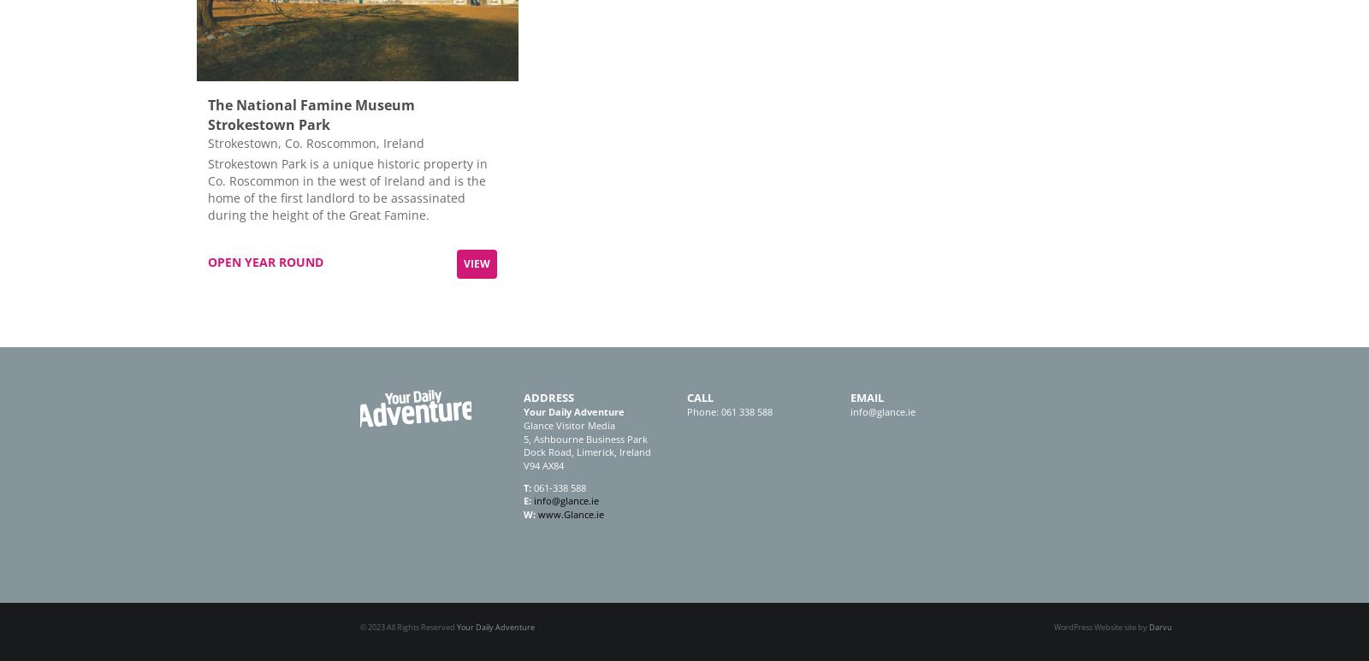 This screenshot has height=661, width=1369. I want to click on 'Dock Road, Limerick, Ireland', so click(587, 451).